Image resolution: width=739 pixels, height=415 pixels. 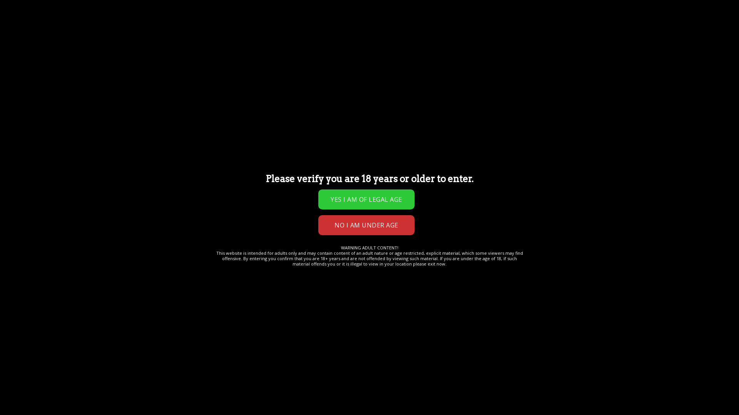 I want to click on 'TERPENES', so click(x=211, y=43).